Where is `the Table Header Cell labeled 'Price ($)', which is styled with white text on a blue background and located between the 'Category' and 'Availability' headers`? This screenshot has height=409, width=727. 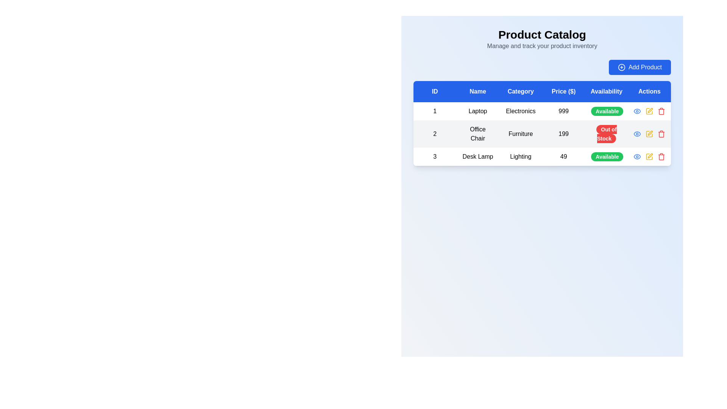
the Table Header Cell labeled 'Price ($)', which is styled with white text on a blue background and located between the 'Category' and 'Availability' headers is located at coordinates (563, 91).